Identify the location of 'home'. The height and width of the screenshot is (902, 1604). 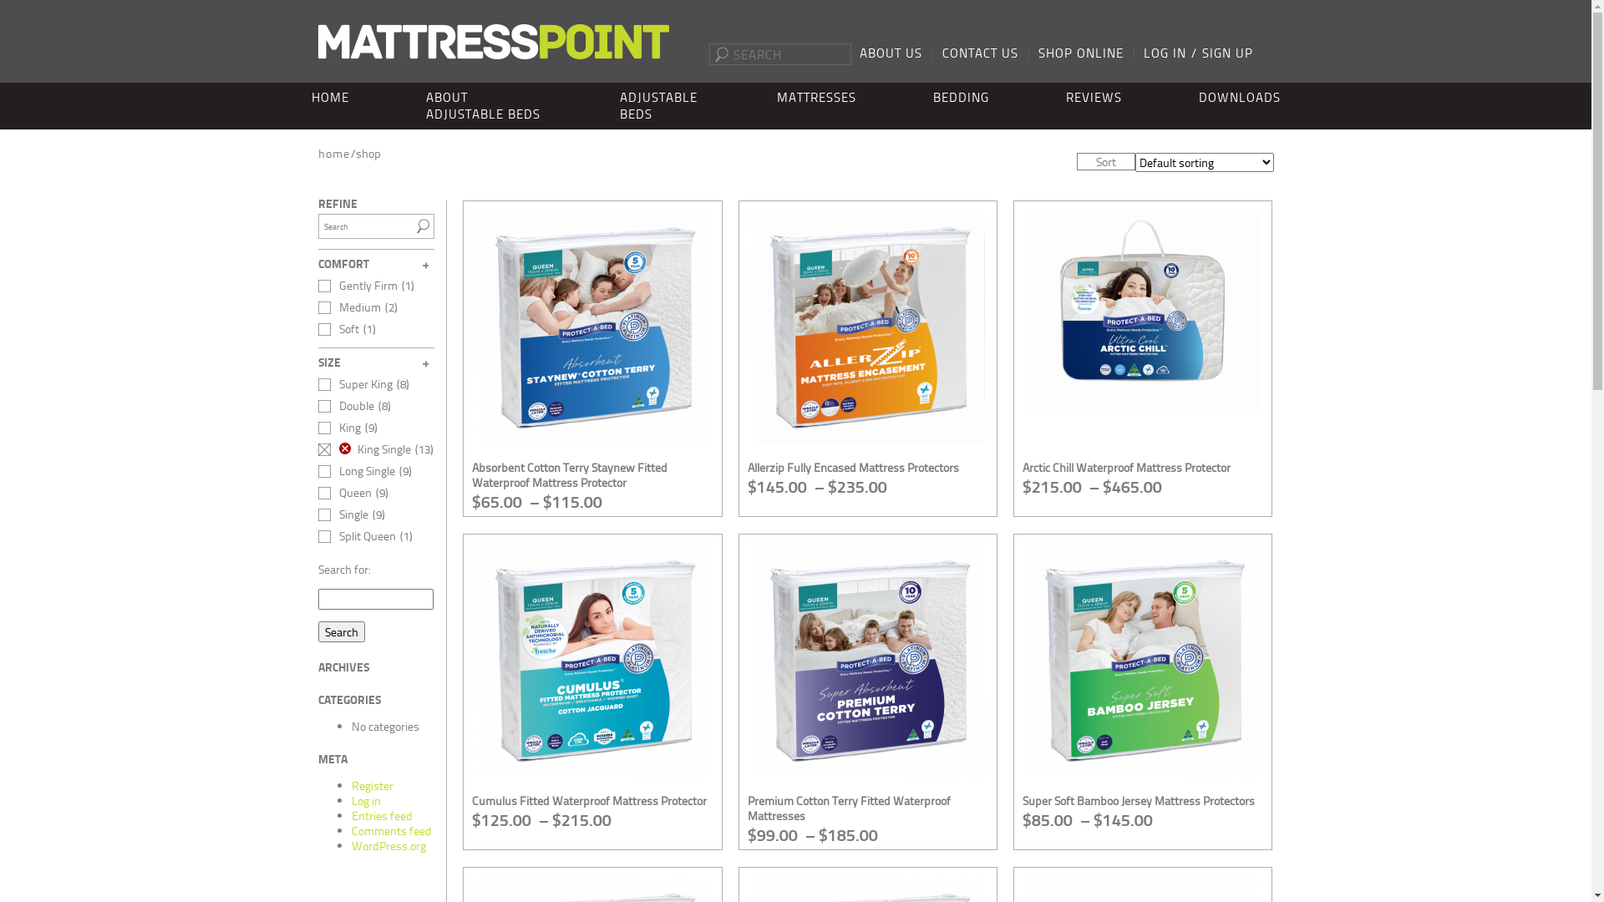
(317, 153).